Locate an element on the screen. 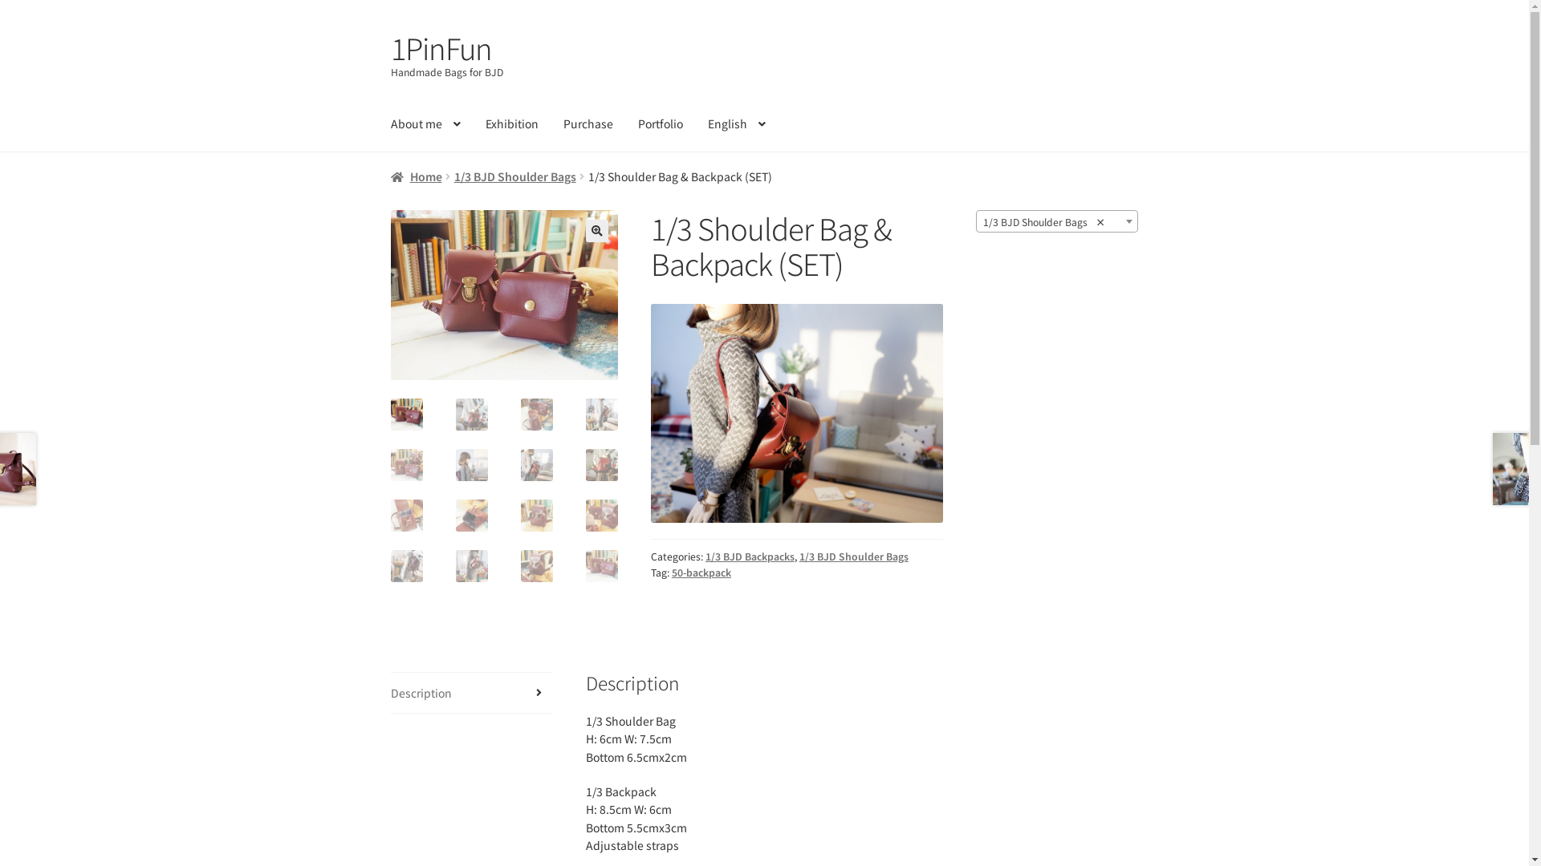 The width and height of the screenshot is (1541, 866). '1PinFun' is located at coordinates (390, 46).